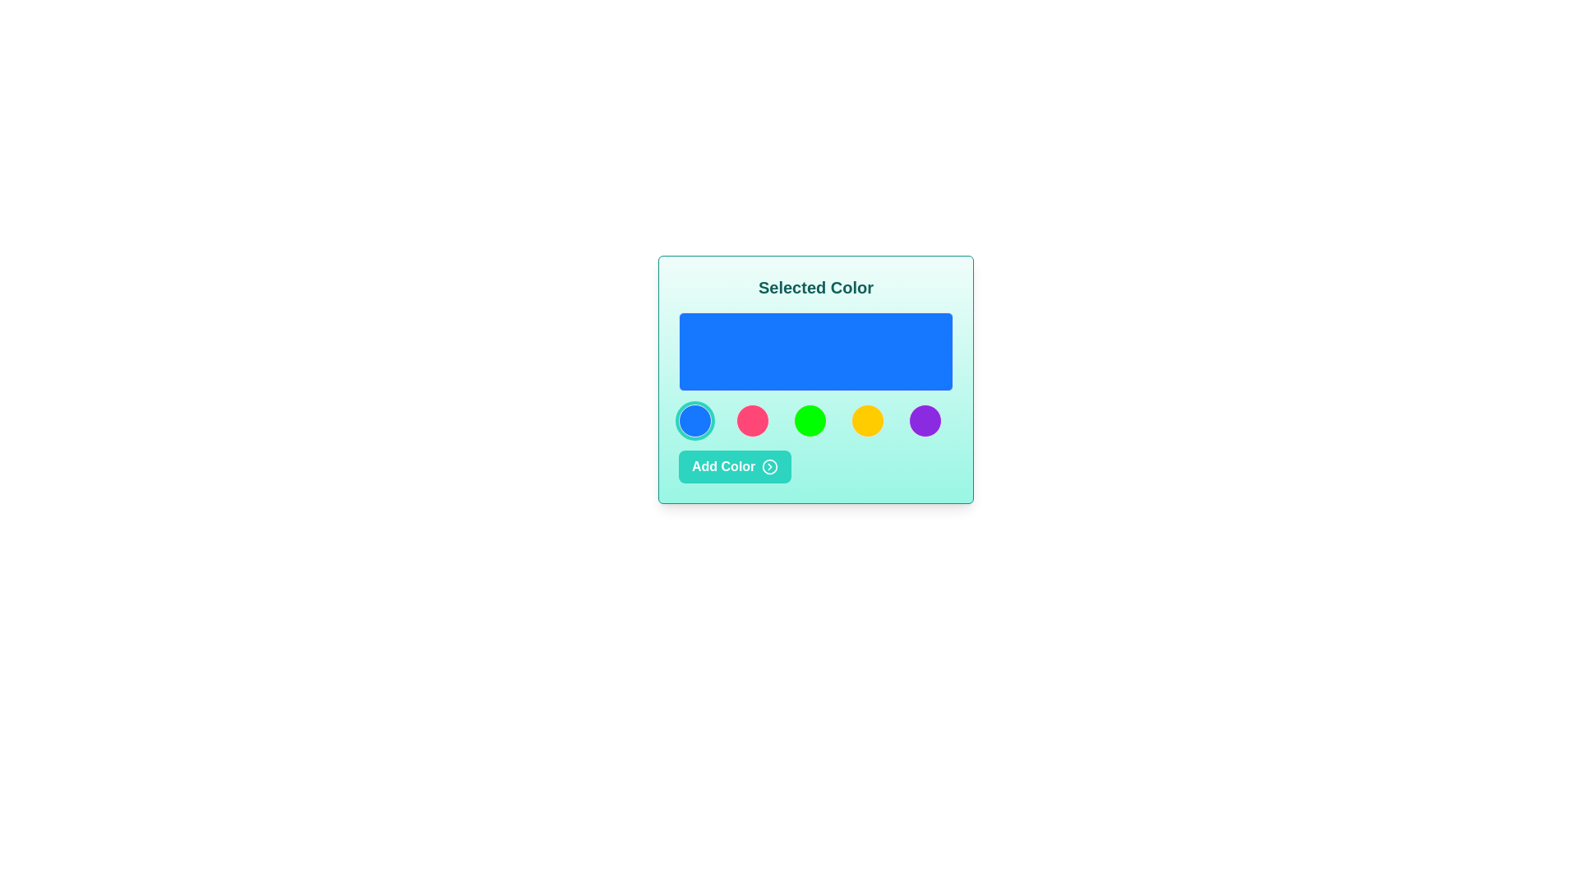 The width and height of the screenshot is (1578, 888). Describe the element at coordinates (810, 420) in the screenshot. I see `the third circular button in the grid layout` at that location.